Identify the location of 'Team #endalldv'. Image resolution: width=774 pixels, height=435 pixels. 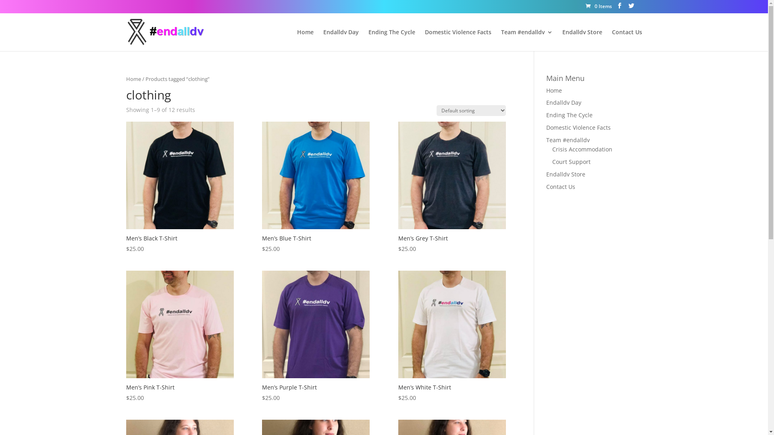
(500, 40).